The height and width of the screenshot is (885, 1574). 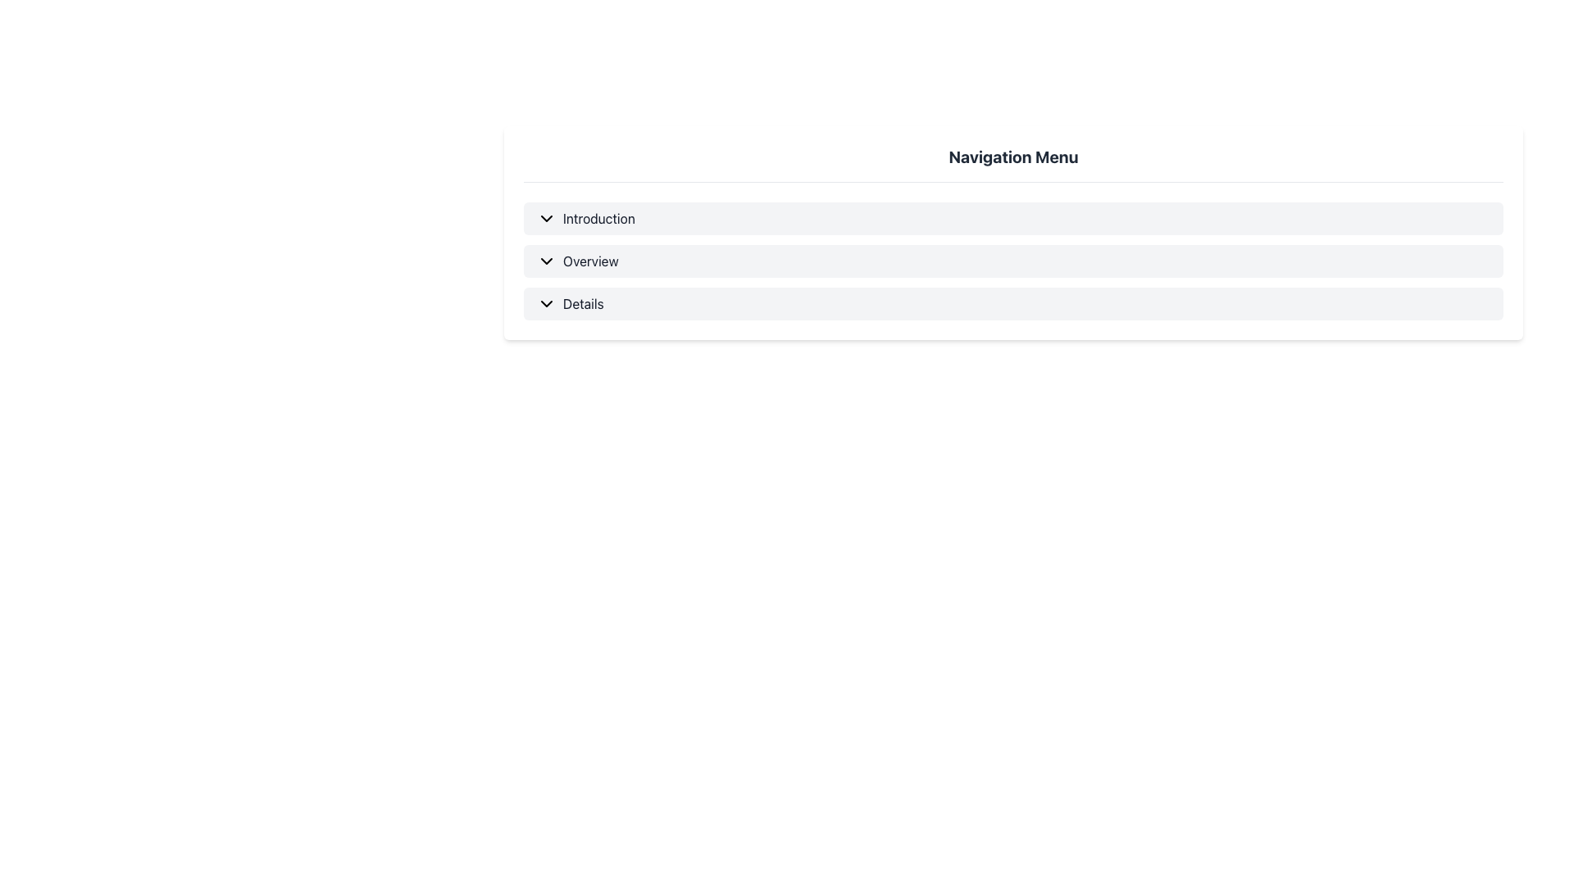 What do you see at coordinates (547, 261) in the screenshot?
I see `the IconButton located to the left of the 'Overview' text label` at bounding box center [547, 261].